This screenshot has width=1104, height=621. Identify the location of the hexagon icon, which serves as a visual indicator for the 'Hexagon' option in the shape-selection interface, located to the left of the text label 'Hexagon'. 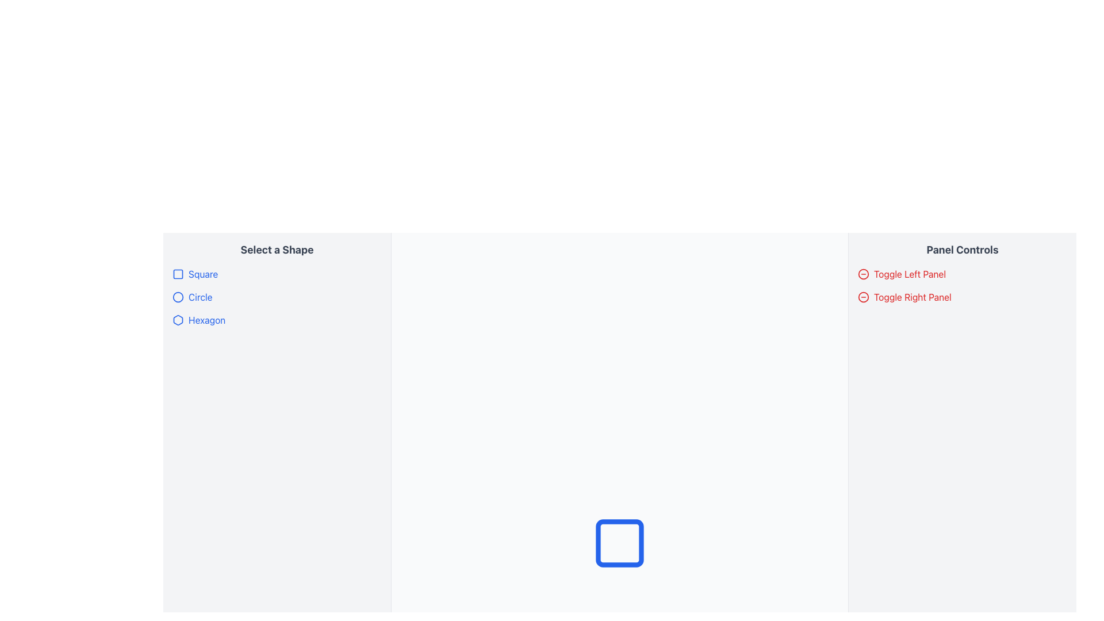
(178, 320).